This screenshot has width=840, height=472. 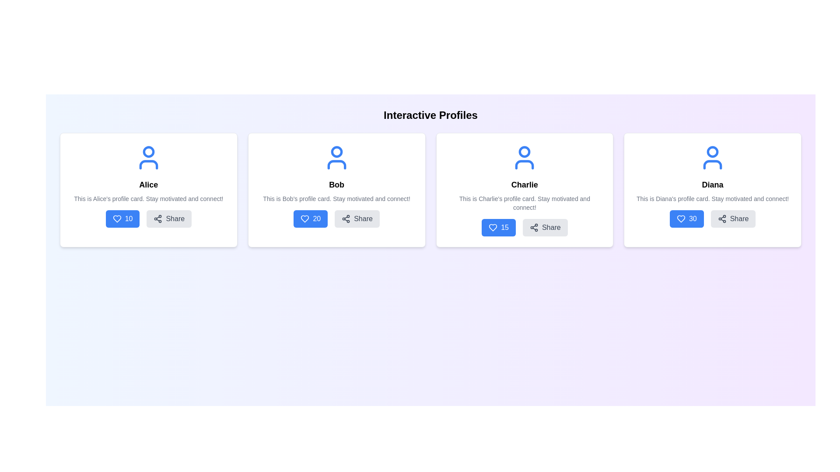 What do you see at coordinates (738, 219) in the screenshot?
I see `the 'Share' text label, which is styled with a clean font and grey color, located in the bottom-right corner of Diana's profile card, adjacent to the share icon` at bounding box center [738, 219].